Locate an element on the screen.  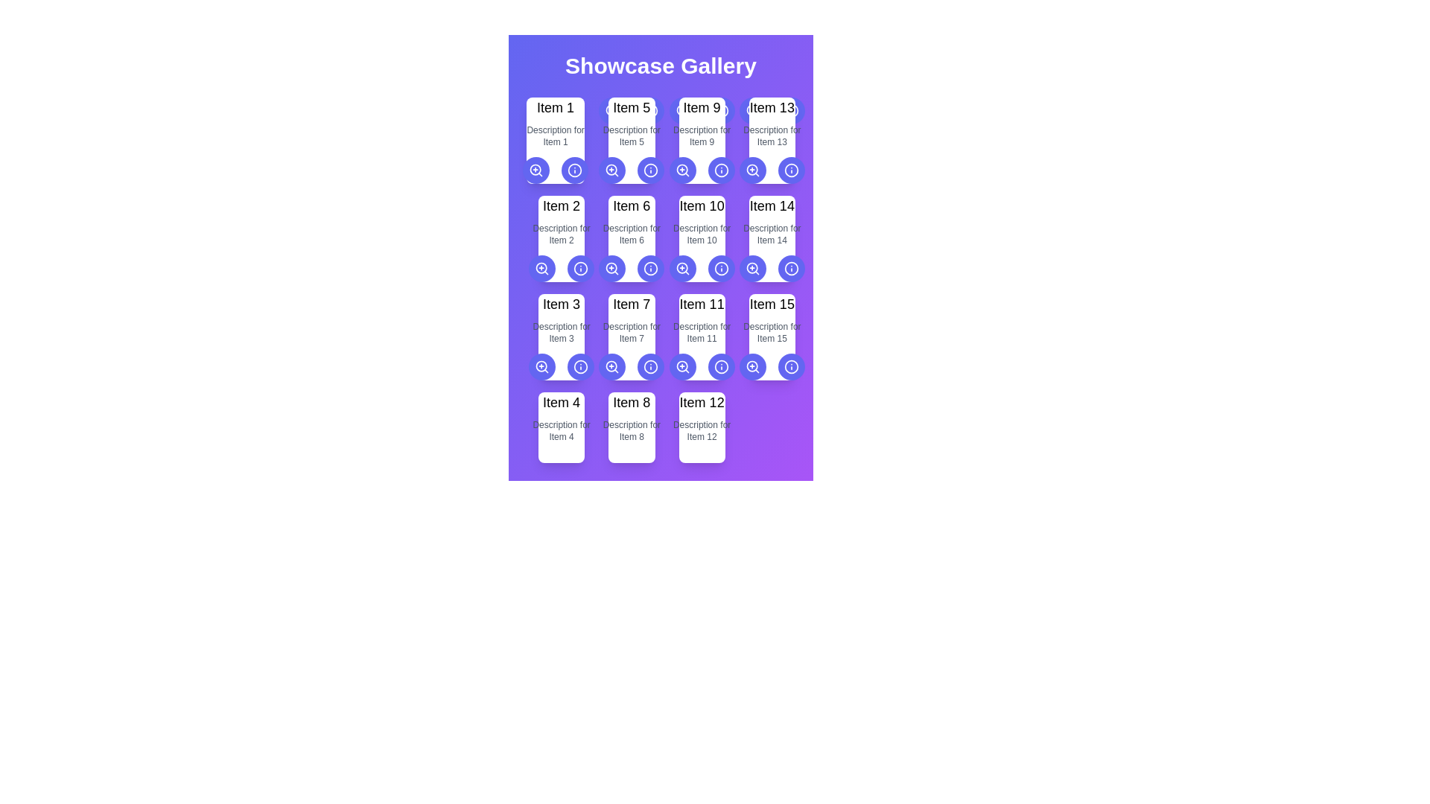
the zoom-in button located in the top-right corner of the grid under the label 'Item 9' is located at coordinates (752, 169).